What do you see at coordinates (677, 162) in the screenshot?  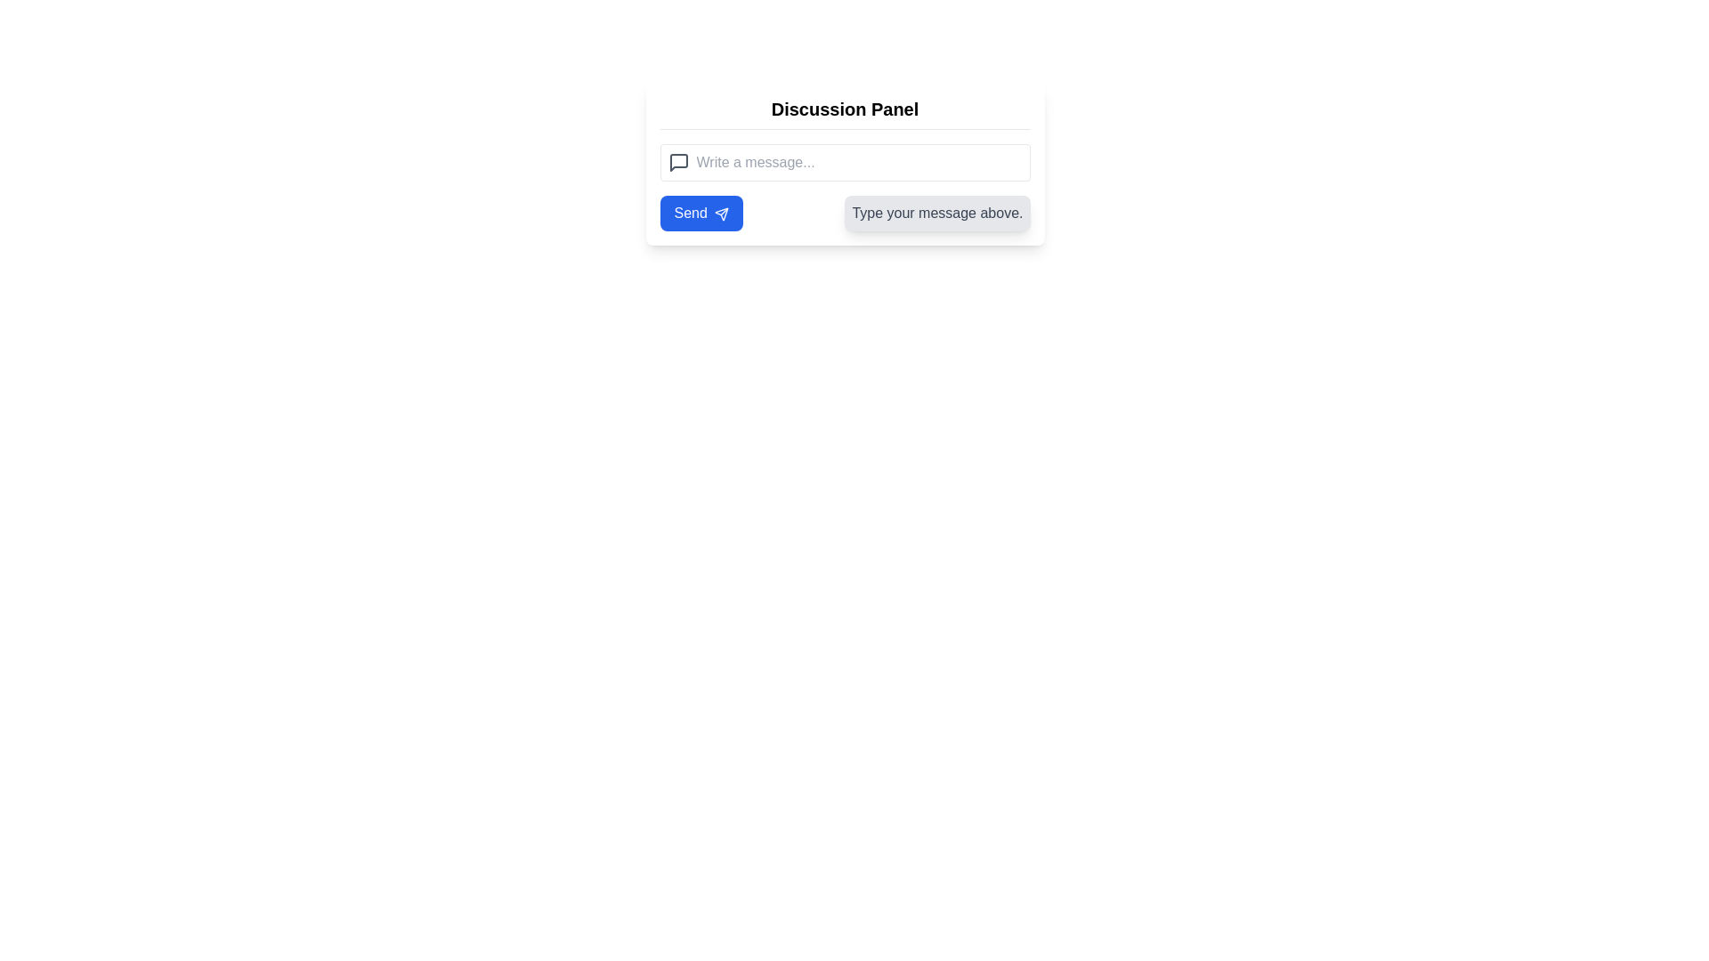 I see `the messaging icon located to the left of the 'Write a message...' text input field` at bounding box center [677, 162].